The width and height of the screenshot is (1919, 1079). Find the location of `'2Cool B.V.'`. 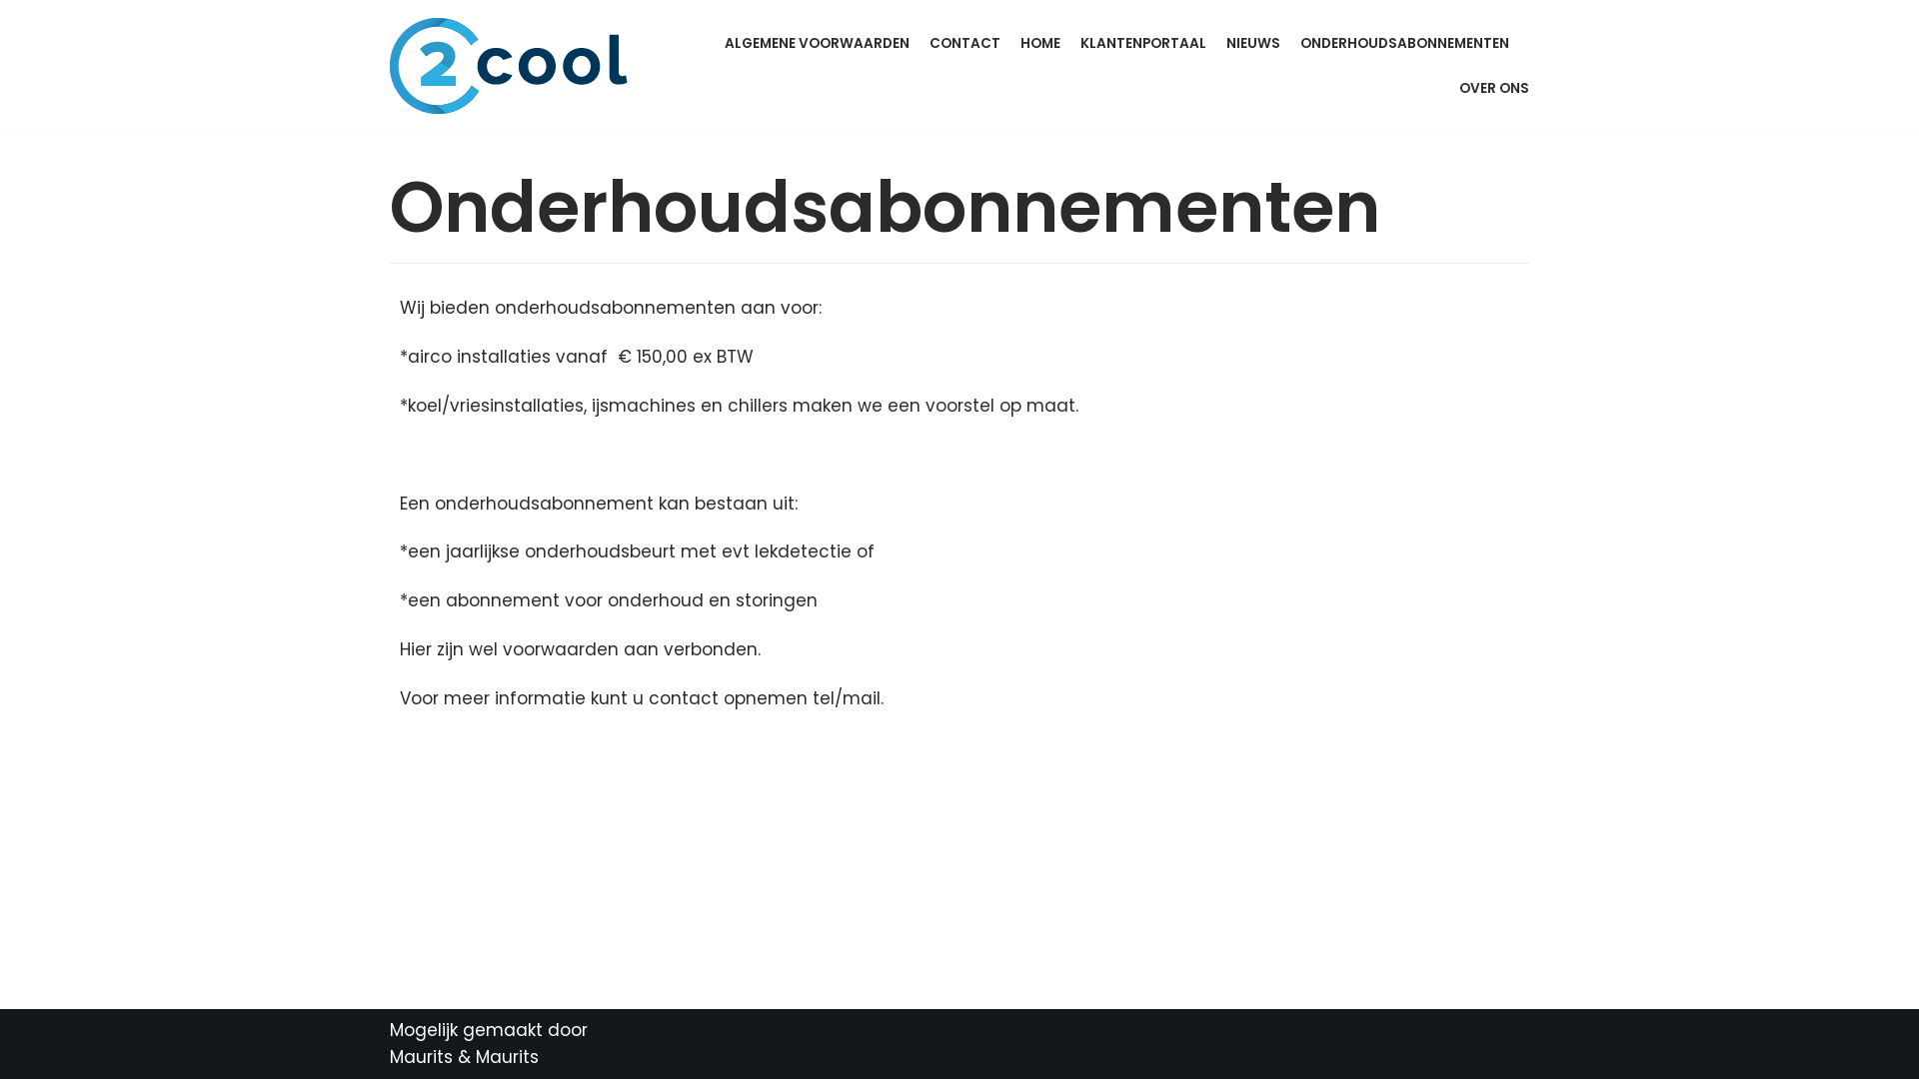

'2Cool B.V.' is located at coordinates (509, 64).